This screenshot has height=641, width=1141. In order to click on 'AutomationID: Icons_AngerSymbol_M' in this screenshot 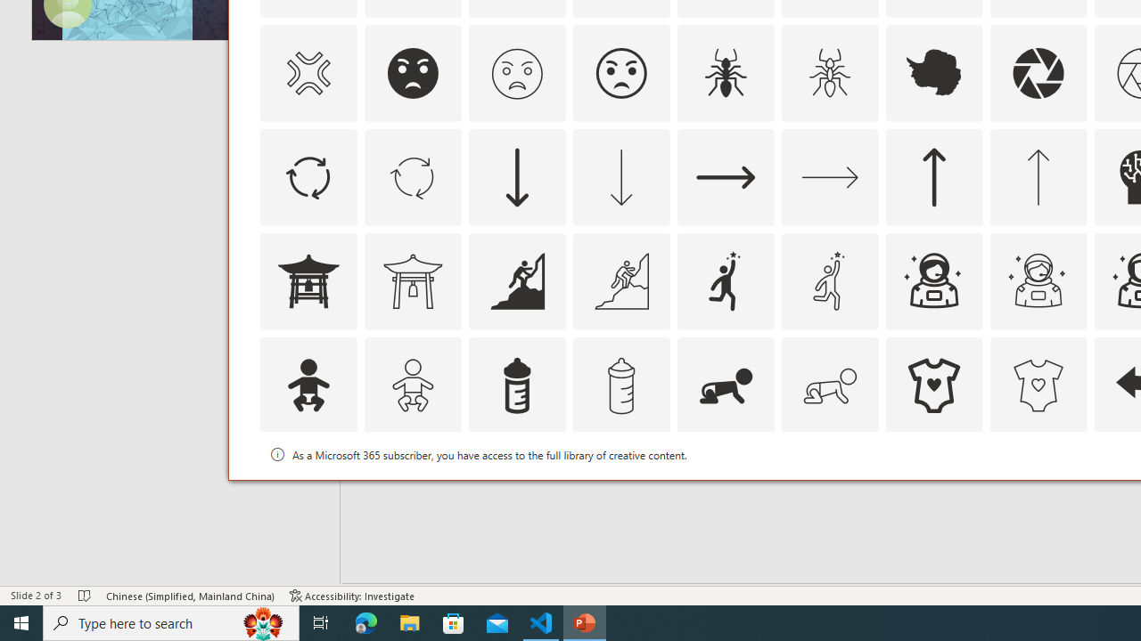, I will do `click(308, 72)`.